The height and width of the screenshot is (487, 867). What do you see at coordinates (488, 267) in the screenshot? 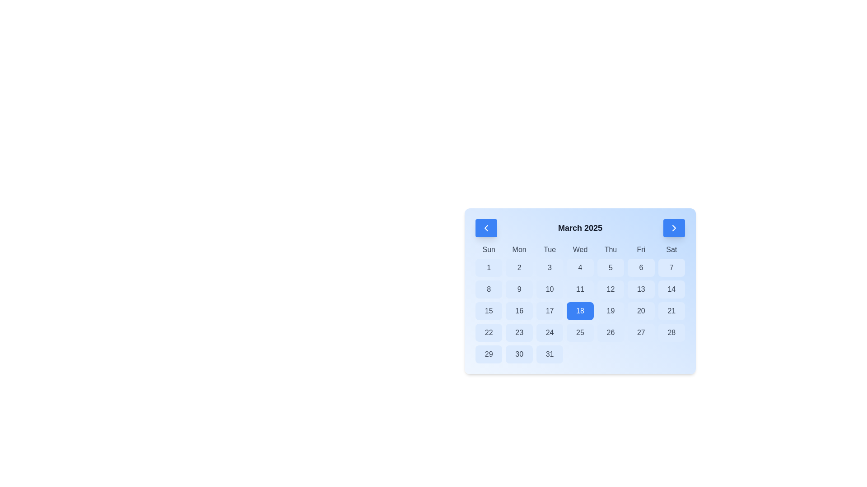
I see `the rounded rectangular button with a light blue background, containing the number '1', located in the first column under the 'Sun' header of the calendar layout` at bounding box center [488, 267].